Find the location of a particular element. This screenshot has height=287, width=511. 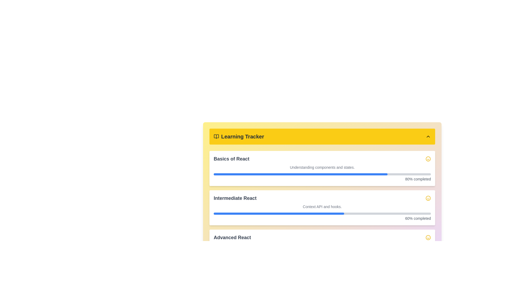

the open book icon located to the left of the 'Learning Tracker' text in the yellow header section is located at coordinates (216, 136).